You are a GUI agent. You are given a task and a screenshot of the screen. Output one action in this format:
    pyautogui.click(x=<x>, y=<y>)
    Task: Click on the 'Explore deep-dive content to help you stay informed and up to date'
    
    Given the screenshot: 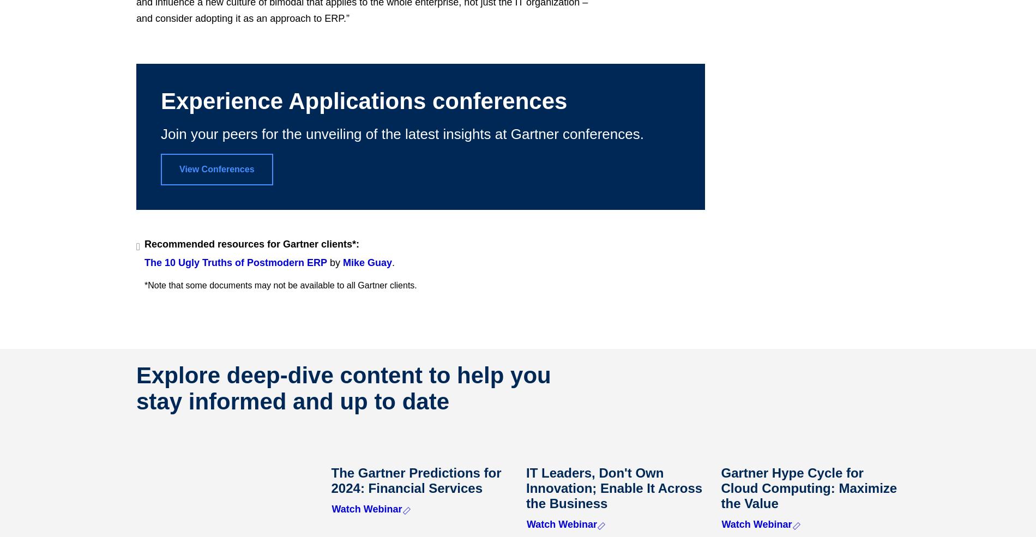 What is the action you would take?
    pyautogui.click(x=136, y=388)
    